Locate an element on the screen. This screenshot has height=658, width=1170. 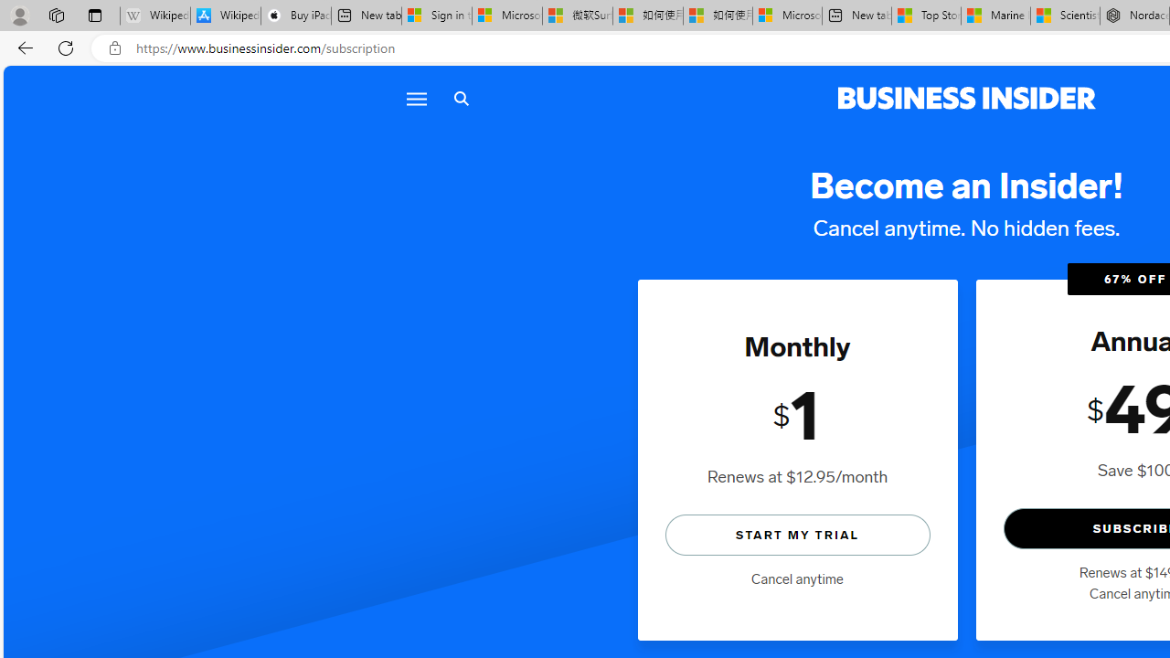
'Business Insider logo' is located at coordinates (965, 98).